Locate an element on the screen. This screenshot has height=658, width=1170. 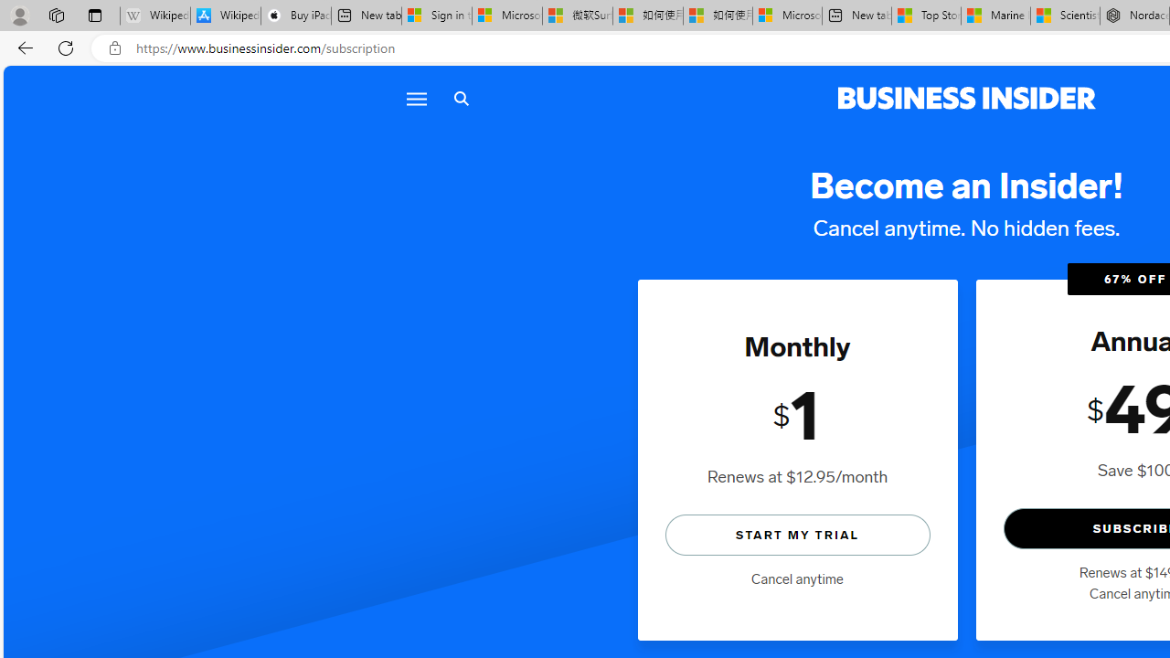
'Business Insider logo' is located at coordinates (965, 98).